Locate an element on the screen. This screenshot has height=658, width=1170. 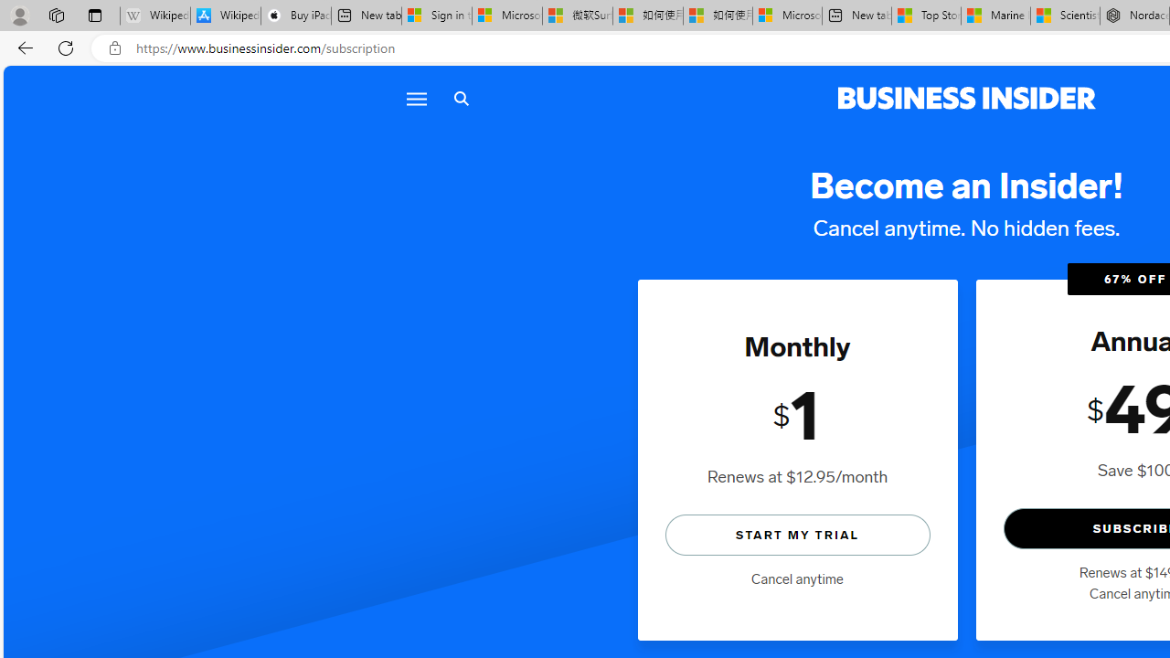
'Business Insider logo' is located at coordinates (965, 98).